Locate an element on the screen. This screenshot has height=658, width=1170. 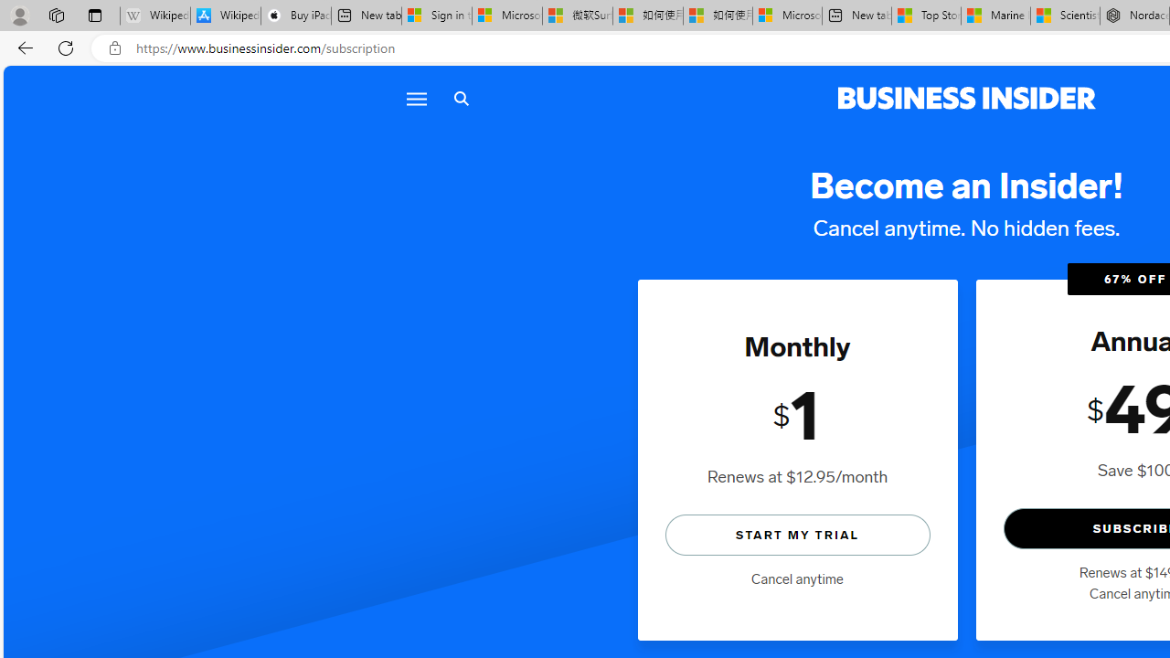
'Business Insider logo' is located at coordinates (965, 98).